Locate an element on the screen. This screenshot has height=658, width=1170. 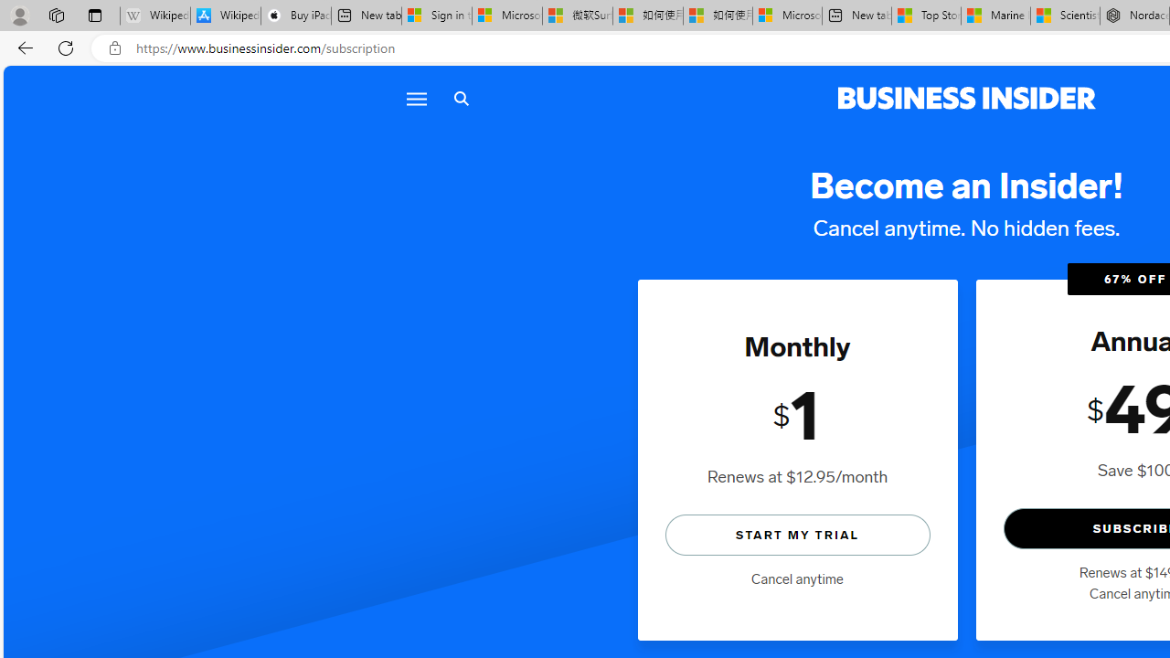
'Business Insider logo' is located at coordinates (965, 98).